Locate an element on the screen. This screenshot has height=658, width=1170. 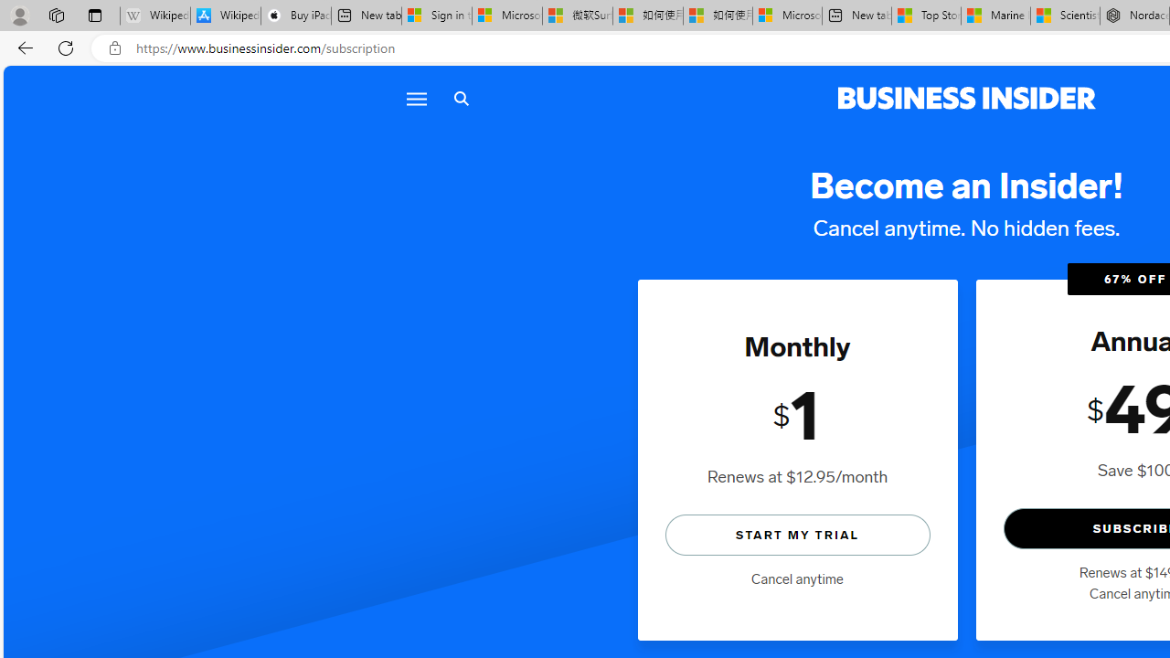
'Business Insider logo' is located at coordinates (965, 98).